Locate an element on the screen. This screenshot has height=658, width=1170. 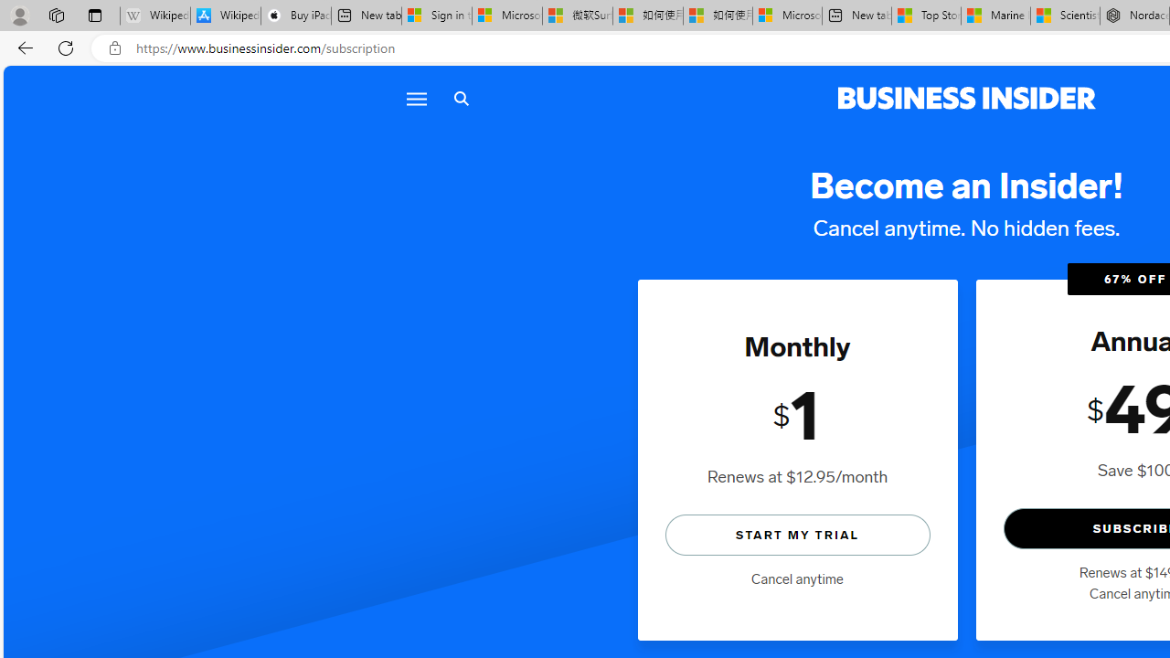
'Business Insider logo' is located at coordinates (965, 98).